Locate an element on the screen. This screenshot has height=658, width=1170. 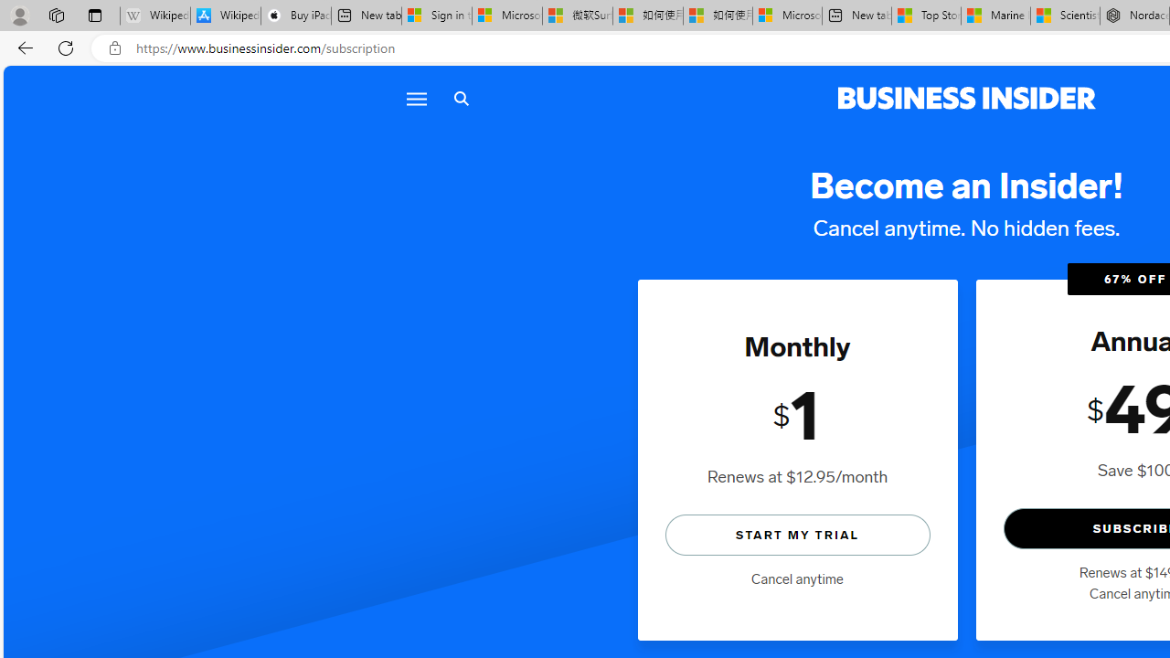
'Business Insider logo' is located at coordinates (965, 98).